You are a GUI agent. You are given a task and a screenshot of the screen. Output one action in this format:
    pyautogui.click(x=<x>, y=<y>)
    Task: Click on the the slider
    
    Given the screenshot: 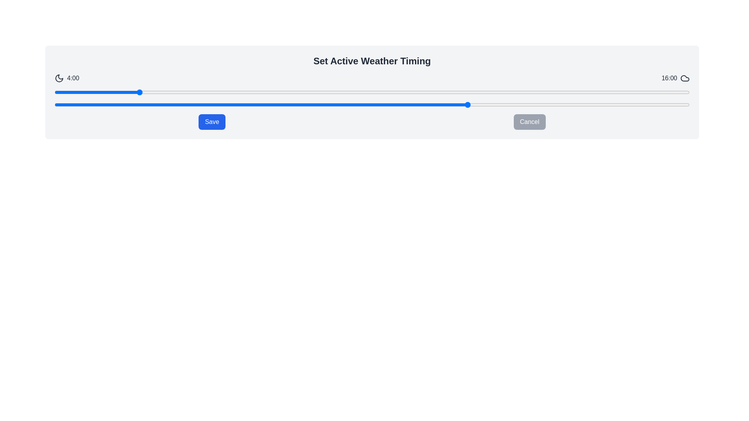 What is the action you would take?
    pyautogui.click(x=137, y=104)
    